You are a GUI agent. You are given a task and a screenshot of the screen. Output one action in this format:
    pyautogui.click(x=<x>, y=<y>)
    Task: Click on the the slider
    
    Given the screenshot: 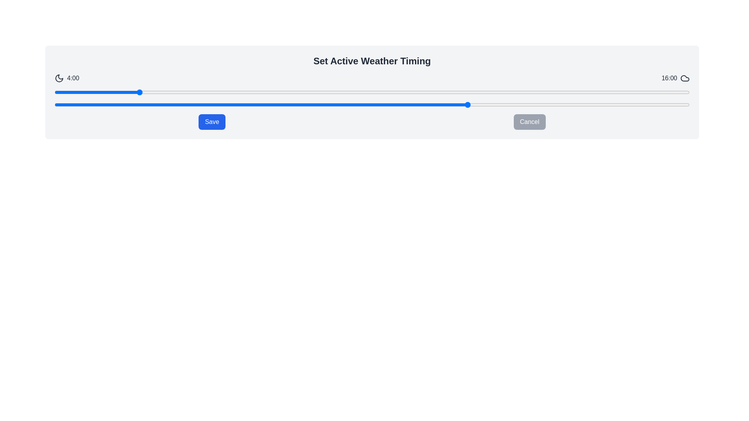 What is the action you would take?
    pyautogui.click(x=137, y=104)
    